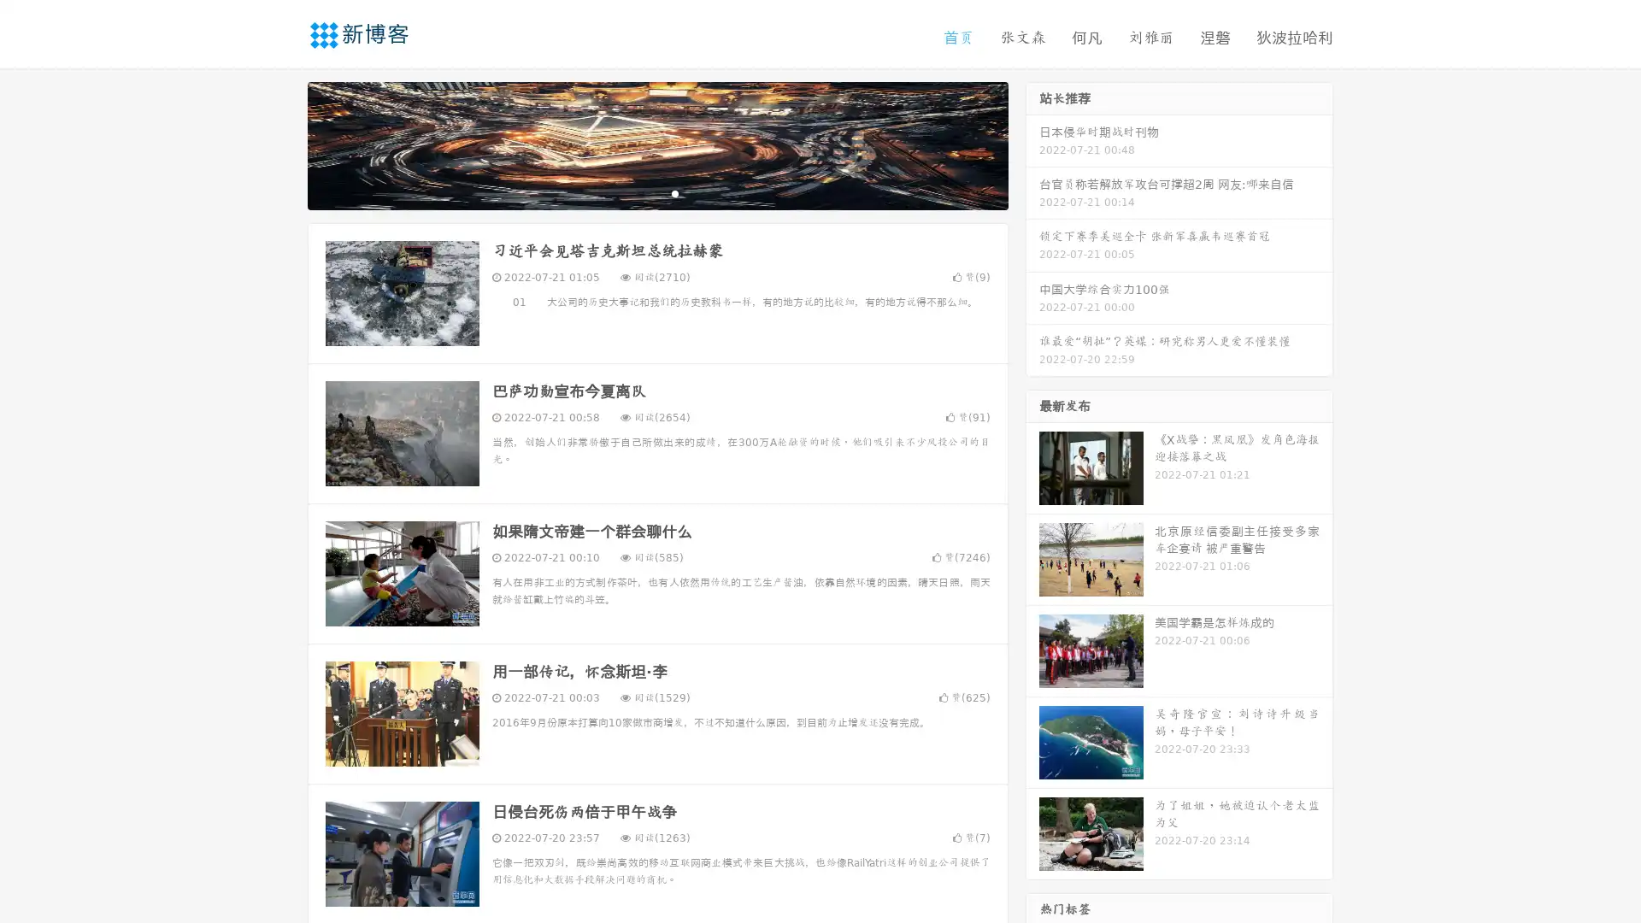  What do you see at coordinates (674, 192) in the screenshot?
I see `Go to slide 3` at bounding box center [674, 192].